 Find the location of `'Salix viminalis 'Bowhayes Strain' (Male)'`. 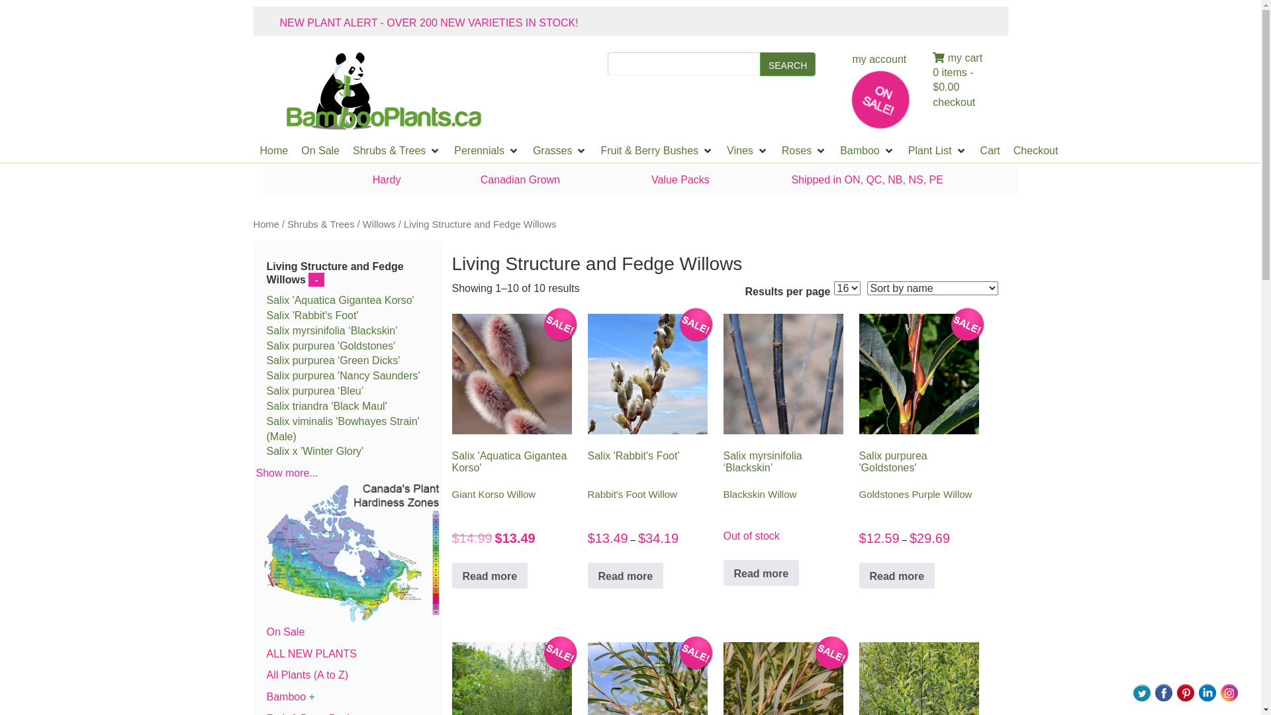

'Salix viminalis 'Bowhayes Strain' (Male)' is located at coordinates (342, 429).